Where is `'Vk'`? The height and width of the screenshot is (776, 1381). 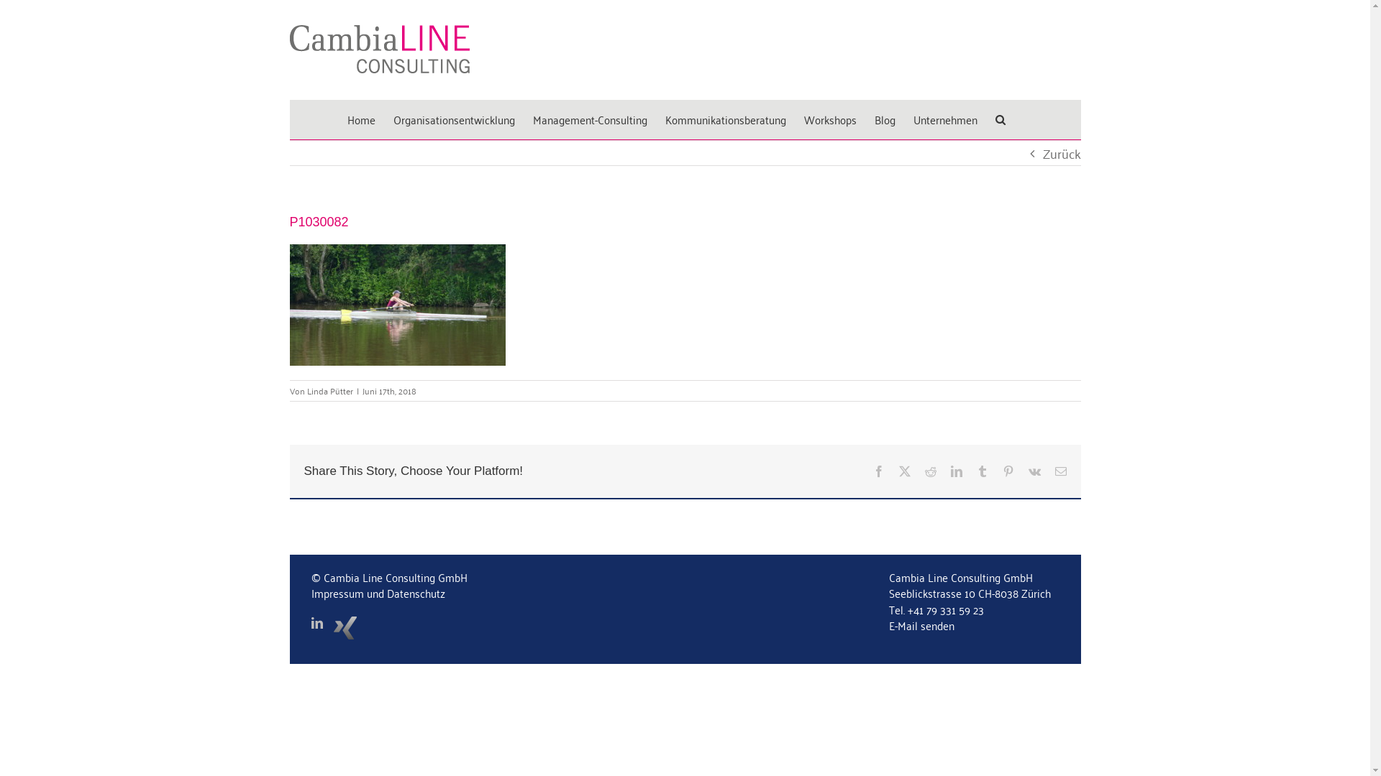 'Vk' is located at coordinates (1034, 471).